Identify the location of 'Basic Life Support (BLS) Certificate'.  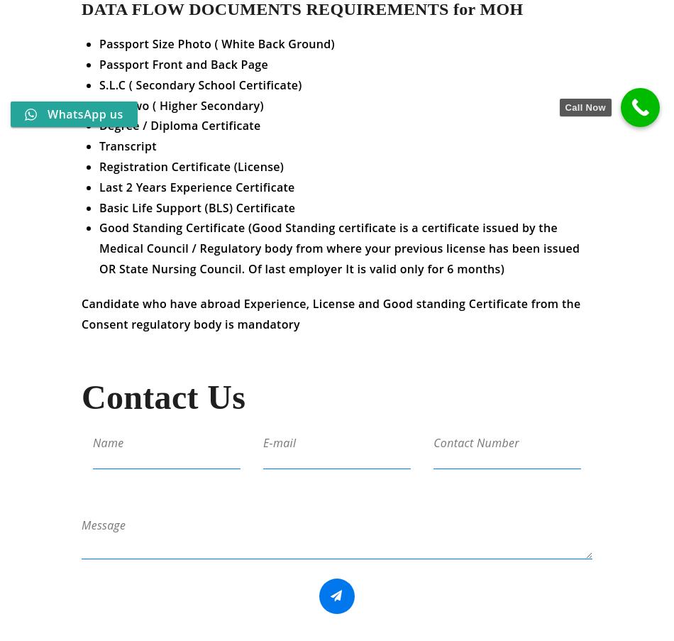
(99, 216).